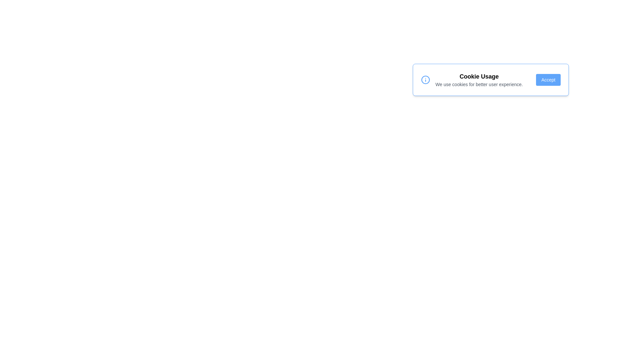  I want to click on the informational text about the application's use of cookies, located underneath the 'Cookie Usage' heading in the notification box, so click(479, 84).